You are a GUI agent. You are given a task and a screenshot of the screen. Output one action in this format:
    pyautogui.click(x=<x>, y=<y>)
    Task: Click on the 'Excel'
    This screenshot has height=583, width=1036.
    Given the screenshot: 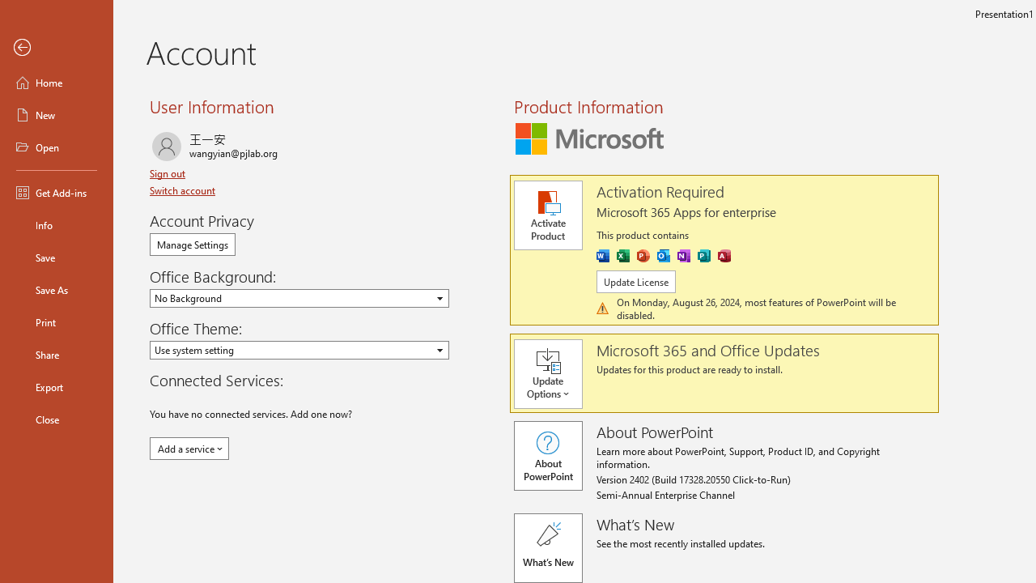 What is the action you would take?
    pyautogui.click(x=622, y=255)
    